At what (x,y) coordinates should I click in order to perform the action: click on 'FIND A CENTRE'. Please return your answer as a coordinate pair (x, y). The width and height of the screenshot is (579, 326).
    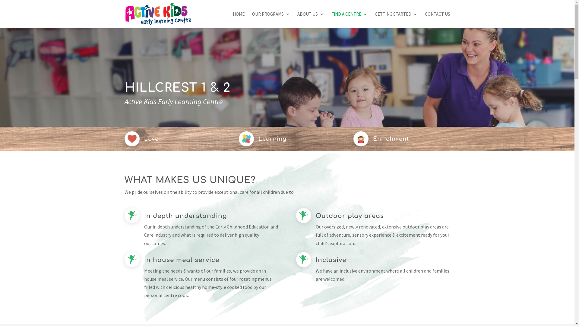
    Looking at the image, I should click on (349, 20).